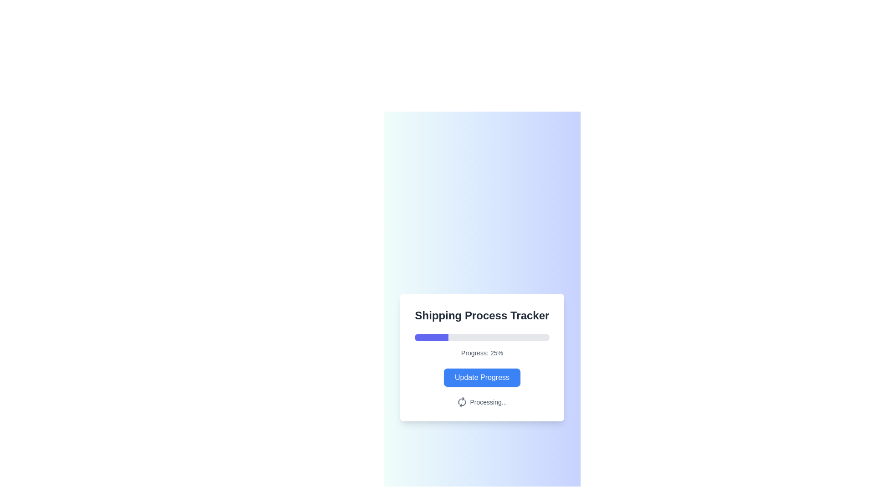 Image resolution: width=875 pixels, height=492 pixels. Describe the element at coordinates (481, 353) in the screenshot. I see `the text label displaying 'Progress: 25%' which indicates the progress of a task, located below the progress bar and above the 'Update Progress' button` at that location.